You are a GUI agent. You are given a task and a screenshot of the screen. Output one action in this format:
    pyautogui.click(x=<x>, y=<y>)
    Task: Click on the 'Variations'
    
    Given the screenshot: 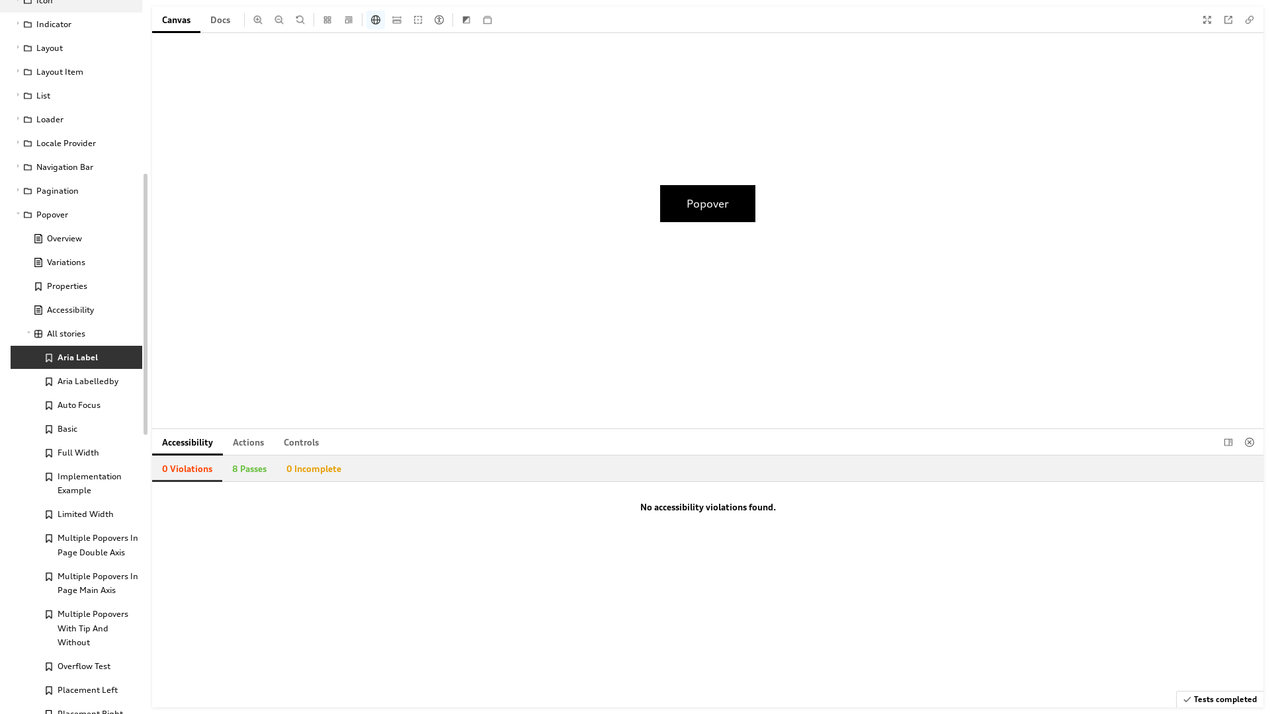 What is the action you would take?
    pyautogui.click(x=75, y=262)
    